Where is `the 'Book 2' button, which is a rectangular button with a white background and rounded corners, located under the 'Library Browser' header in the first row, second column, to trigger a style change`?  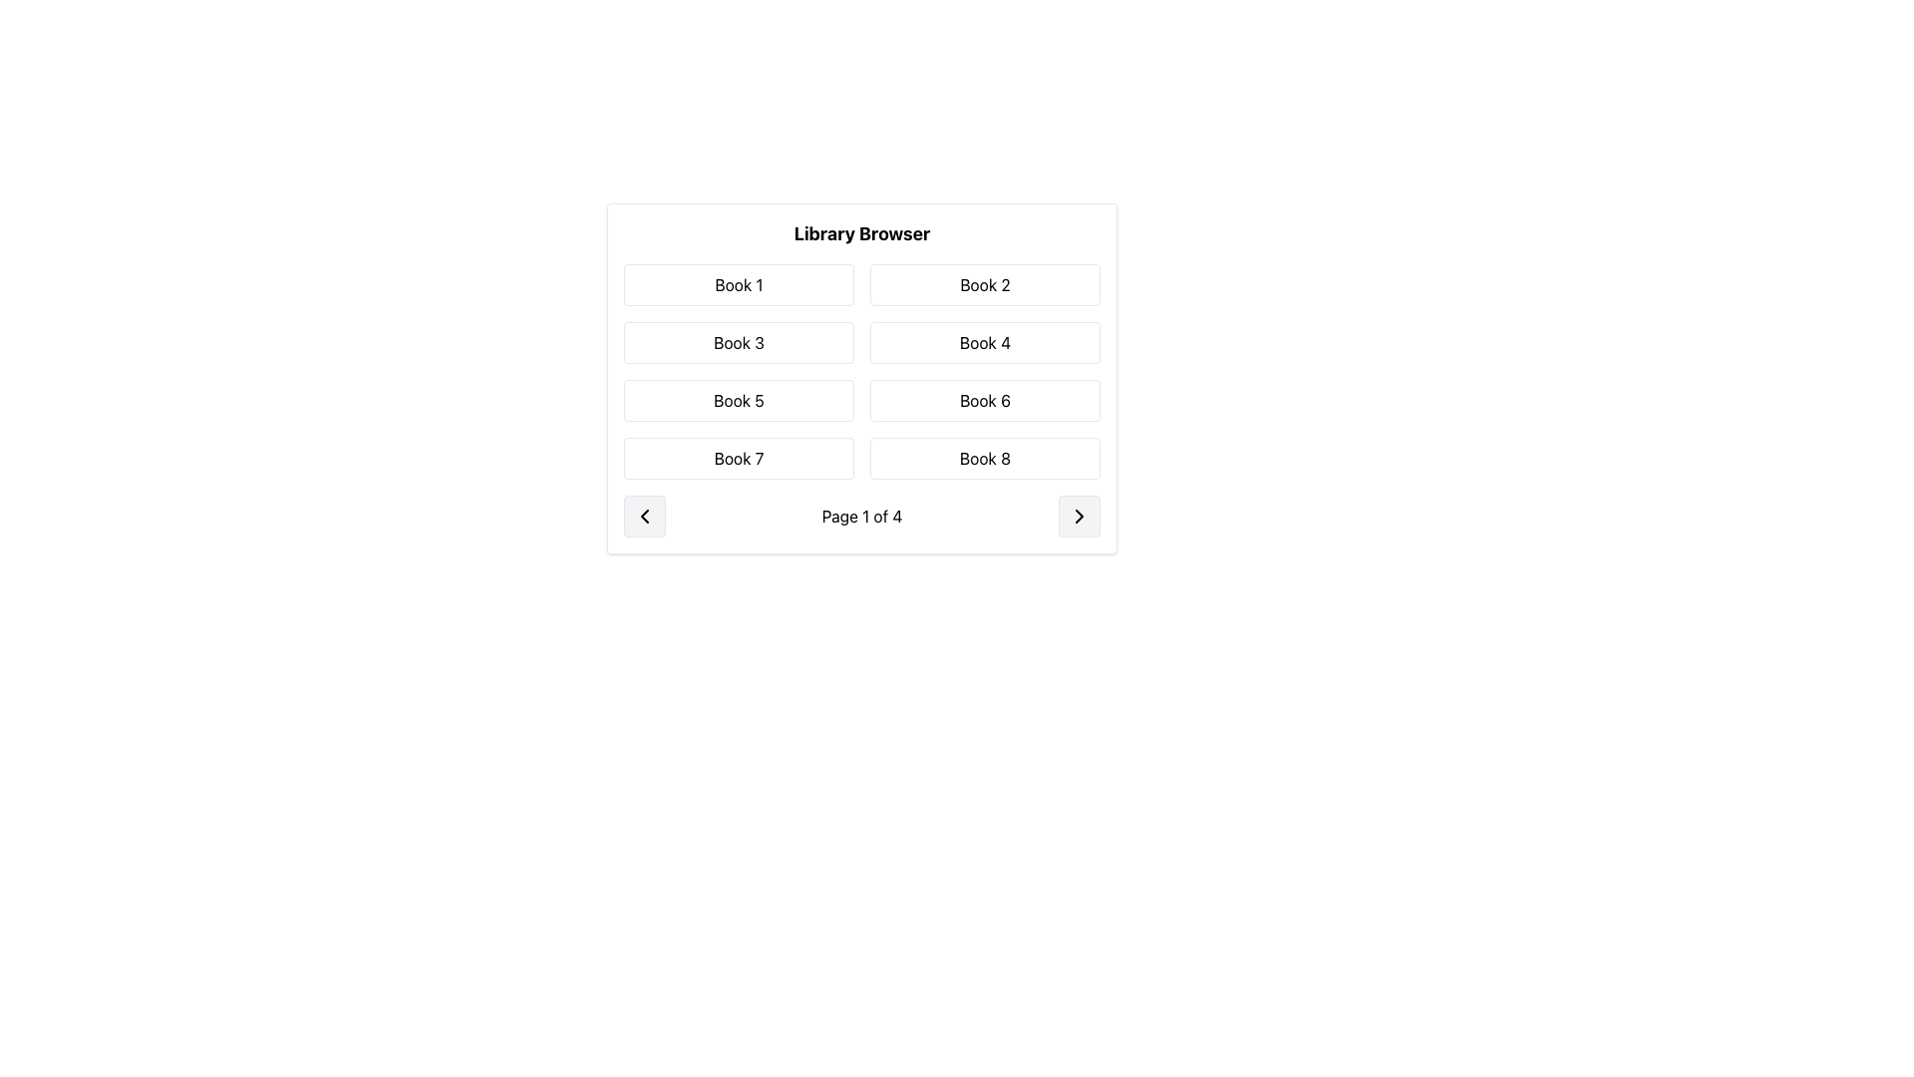 the 'Book 2' button, which is a rectangular button with a white background and rounded corners, located under the 'Library Browser' header in the first row, second column, to trigger a style change is located at coordinates (985, 284).